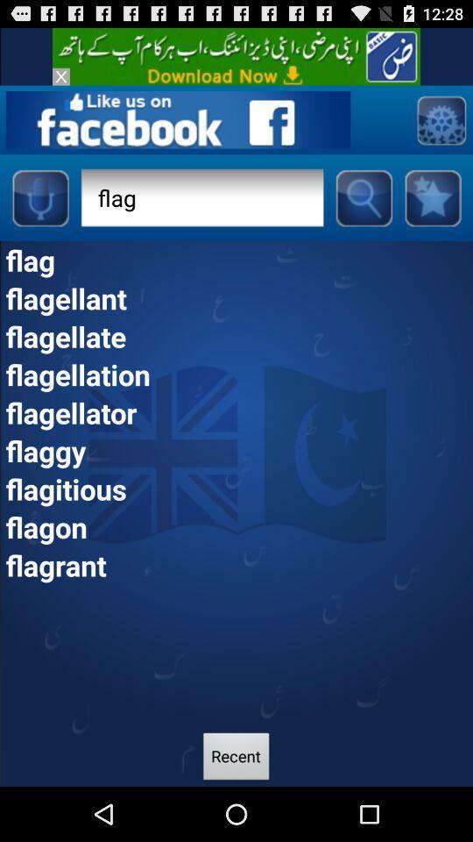  What do you see at coordinates (236, 56) in the screenshot?
I see `advertisement` at bounding box center [236, 56].